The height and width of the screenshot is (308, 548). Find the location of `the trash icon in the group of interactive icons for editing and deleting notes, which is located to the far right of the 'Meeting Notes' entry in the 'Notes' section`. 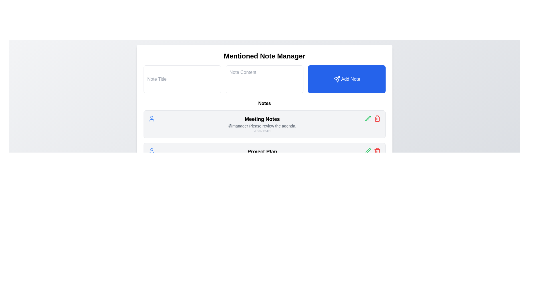

the trash icon in the group of interactive icons for editing and deleting notes, which is located to the far right of the 'Meeting Notes' entry in the 'Notes' section is located at coordinates (372, 118).